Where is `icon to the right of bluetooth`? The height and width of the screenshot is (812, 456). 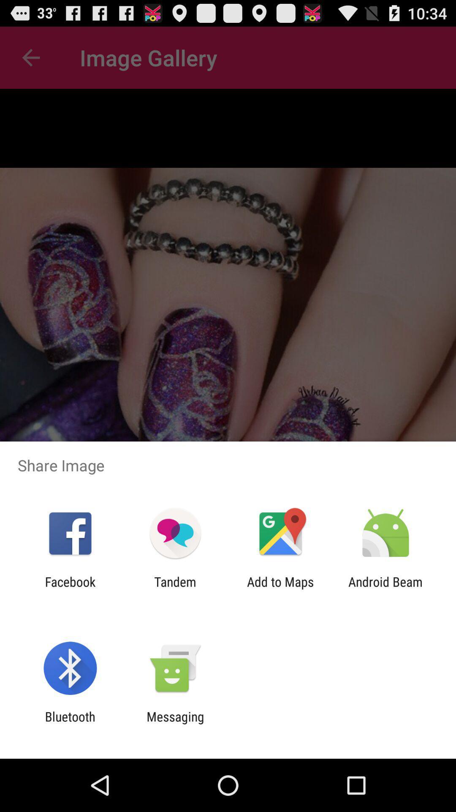 icon to the right of bluetooth is located at coordinates (175, 724).